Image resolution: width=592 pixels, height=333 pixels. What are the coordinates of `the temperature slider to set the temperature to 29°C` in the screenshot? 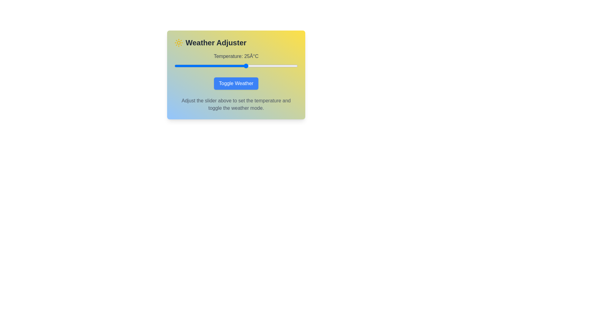 It's located at (254, 66).